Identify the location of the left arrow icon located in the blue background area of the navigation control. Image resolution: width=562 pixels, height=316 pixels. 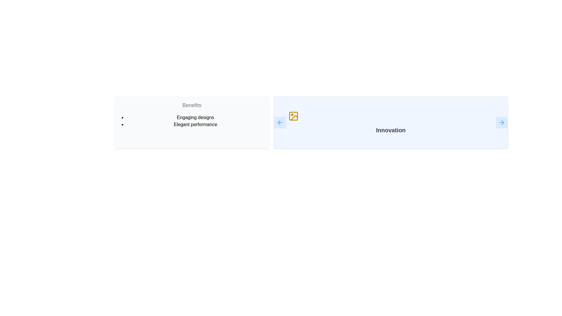
(279, 122).